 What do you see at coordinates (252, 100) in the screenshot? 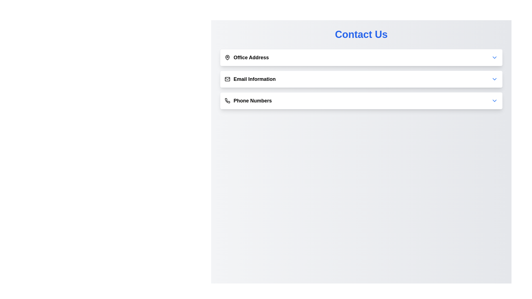
I see `the text label element that displays 'Phone Numbers' in bold, black text as part of the 'Contact Us' section` at bounding box center [252, 100].